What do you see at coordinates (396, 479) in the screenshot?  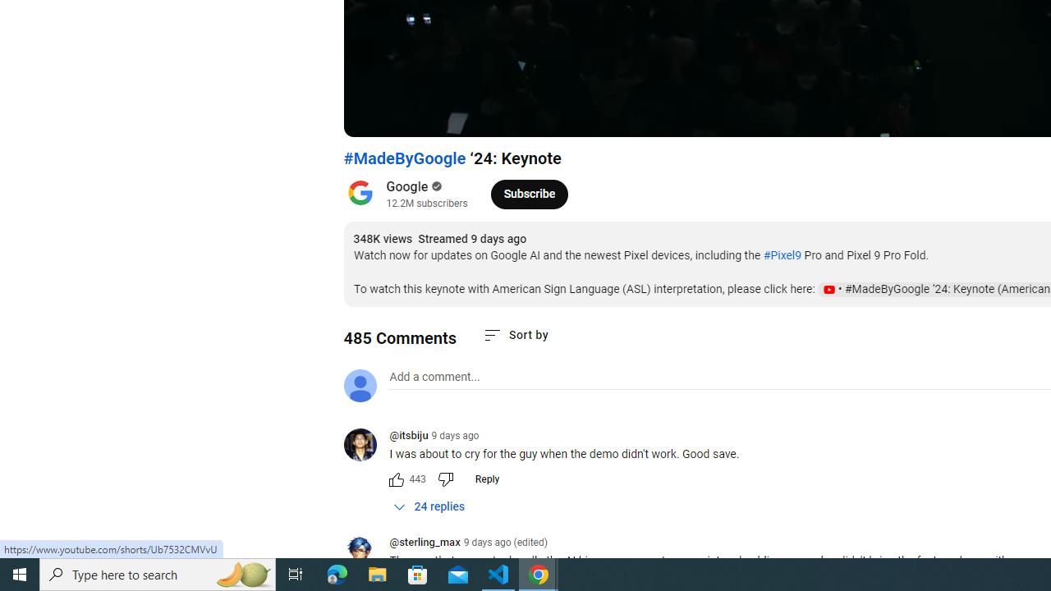 I see `'Like this comment along with 443 other people'` at bounding box center [396, 479].